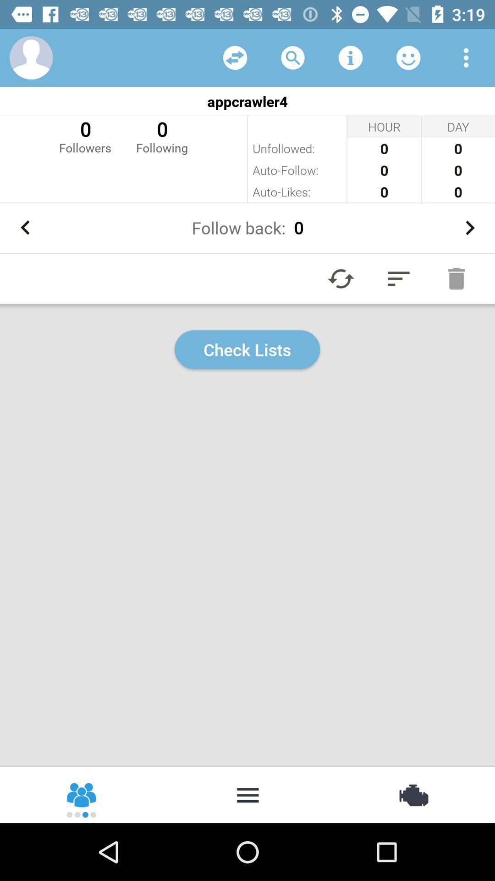  Describe the element at coordinates (161, 135) in the screenshot. I see `item next to the 0` at that location.